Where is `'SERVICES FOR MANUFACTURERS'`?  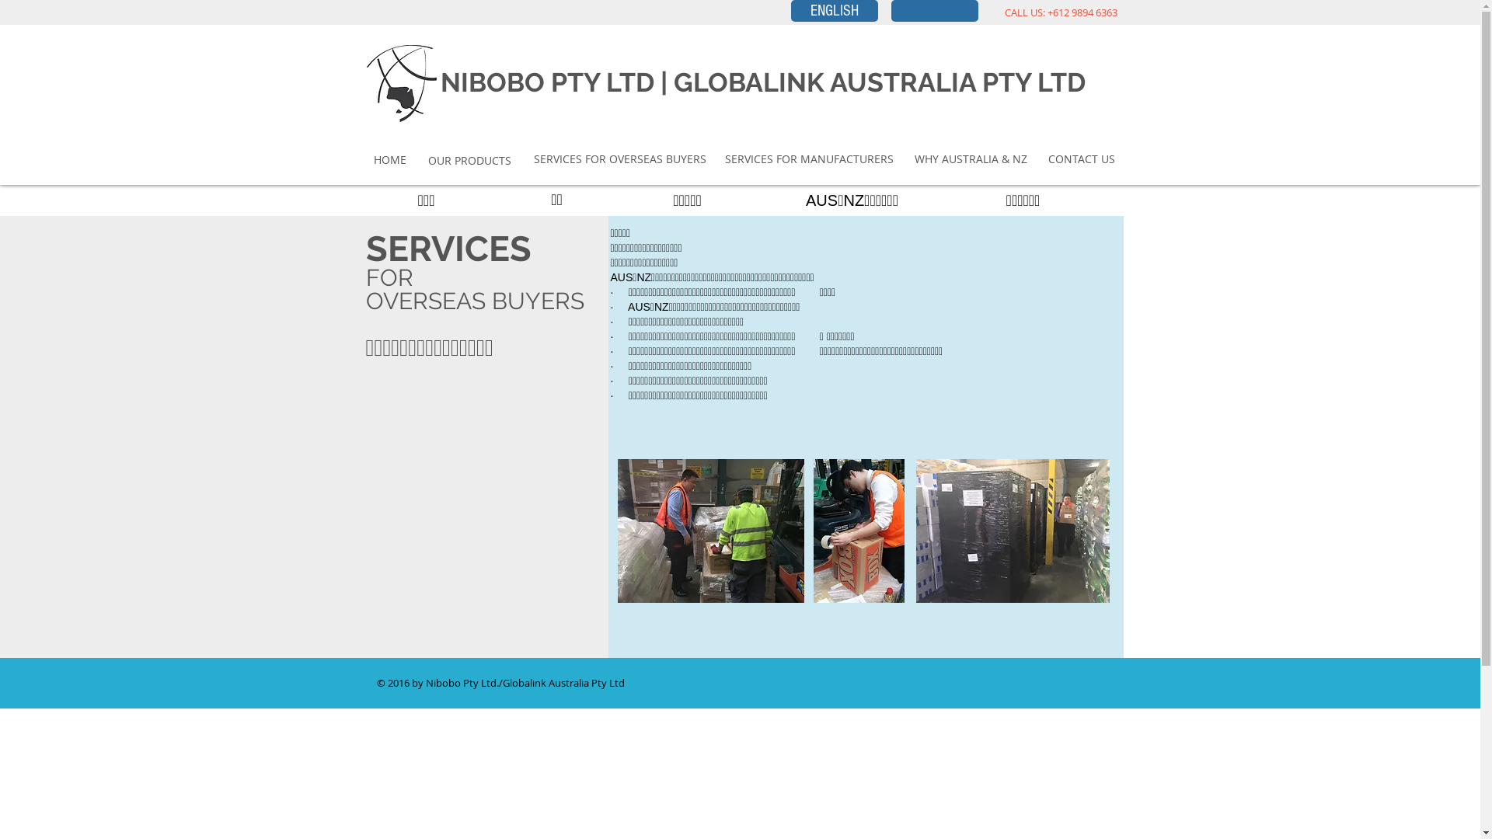
'SERVICES FOR MANUFACTURERS' is located at coordinates (723, 158).